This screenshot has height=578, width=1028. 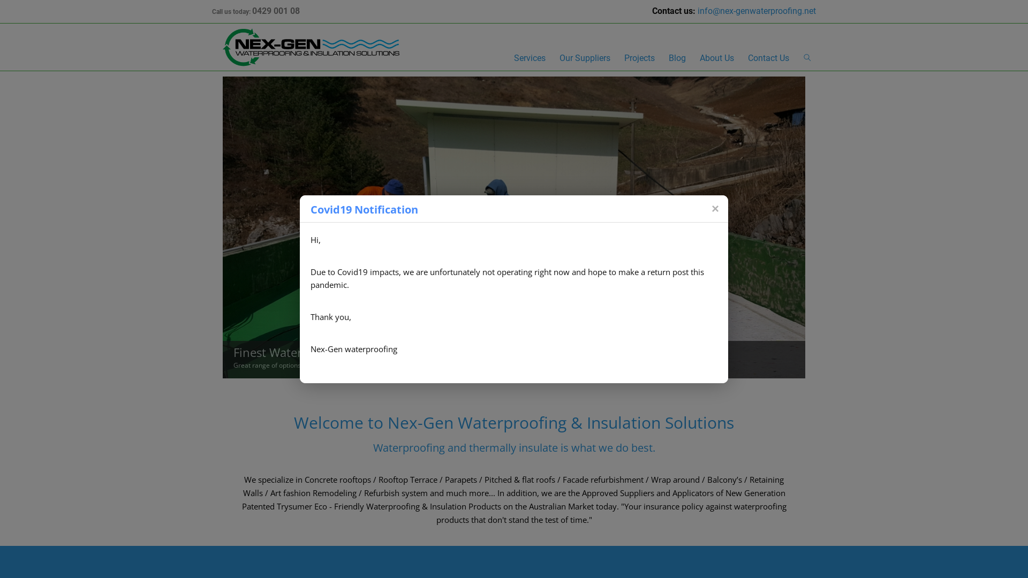 What do you see at coordinates (639, 59) in the screenshot?
I see `'Projects'` at bounding box center [639, 59].